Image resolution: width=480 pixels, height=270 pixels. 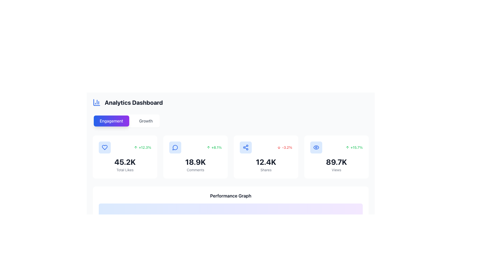 What do you see at coordinates (195, 162) in the screenshot?
I see `the text component displaying '18.9K' in a bold font, located in the second card under 'Analytics Dashboard', above the label 'Comments'` at bounding box center [195, 162].